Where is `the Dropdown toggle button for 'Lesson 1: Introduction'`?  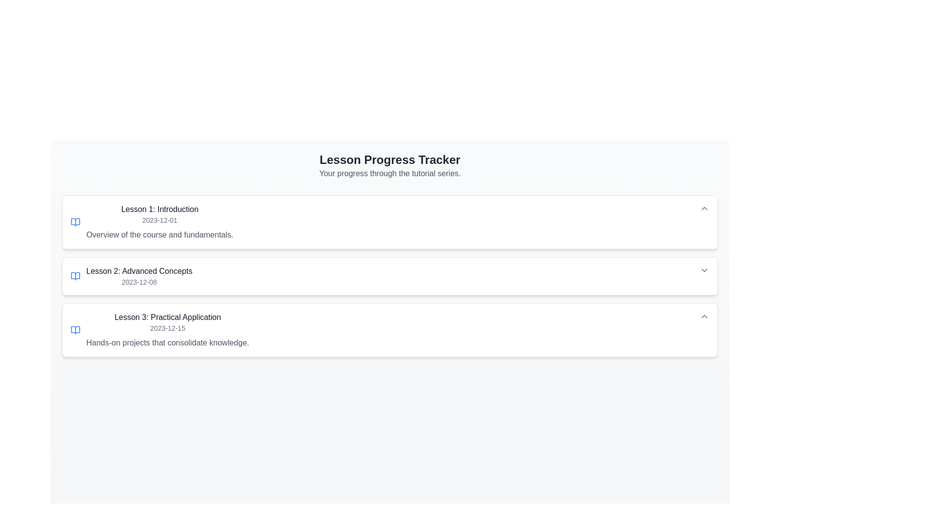
the Dropdown toggle button for 'Lesson 1: Introduction' is located at coordinates (704, 208).